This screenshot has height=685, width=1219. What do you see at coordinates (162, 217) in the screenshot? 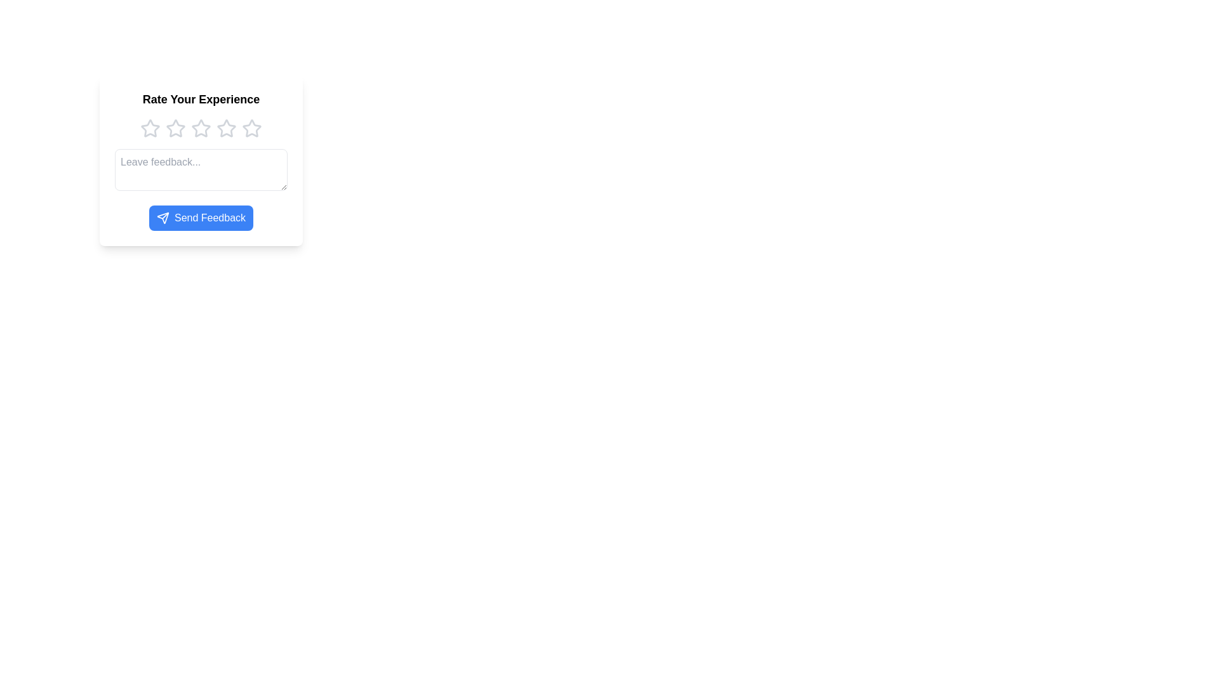
I see `the small triangular icon styled as an arrow or paper airplane outline within the 'Send Feedback' button at the bottom center of the feedback form` at bounding box center [162, 217].